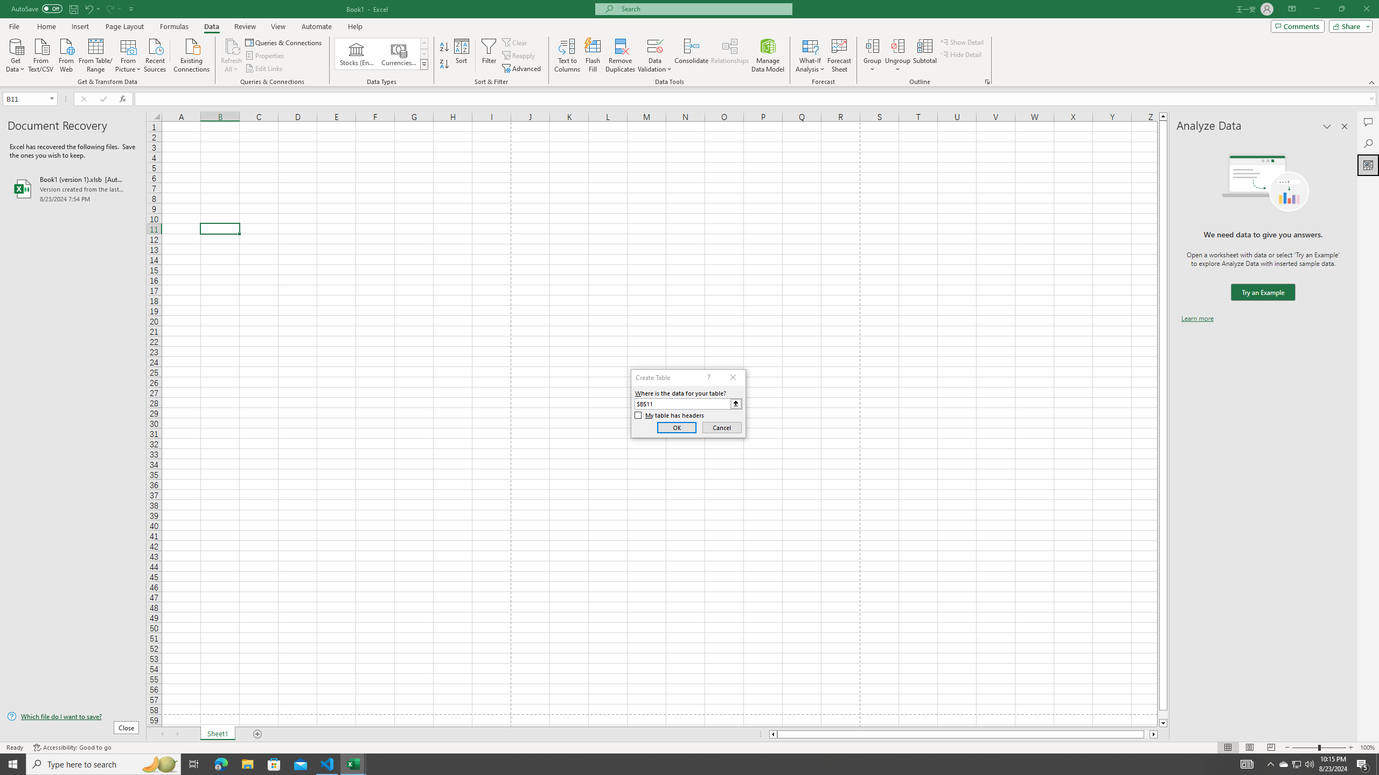  Describe the element at coordinates (316, 26) in the screenshot. I see `'Automate'` at that location.